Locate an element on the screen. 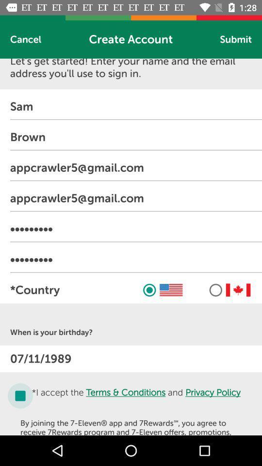 This screenshot has width=262, height=466. the check box icon to accept terms and conditions is located at coordinates (20, 396).